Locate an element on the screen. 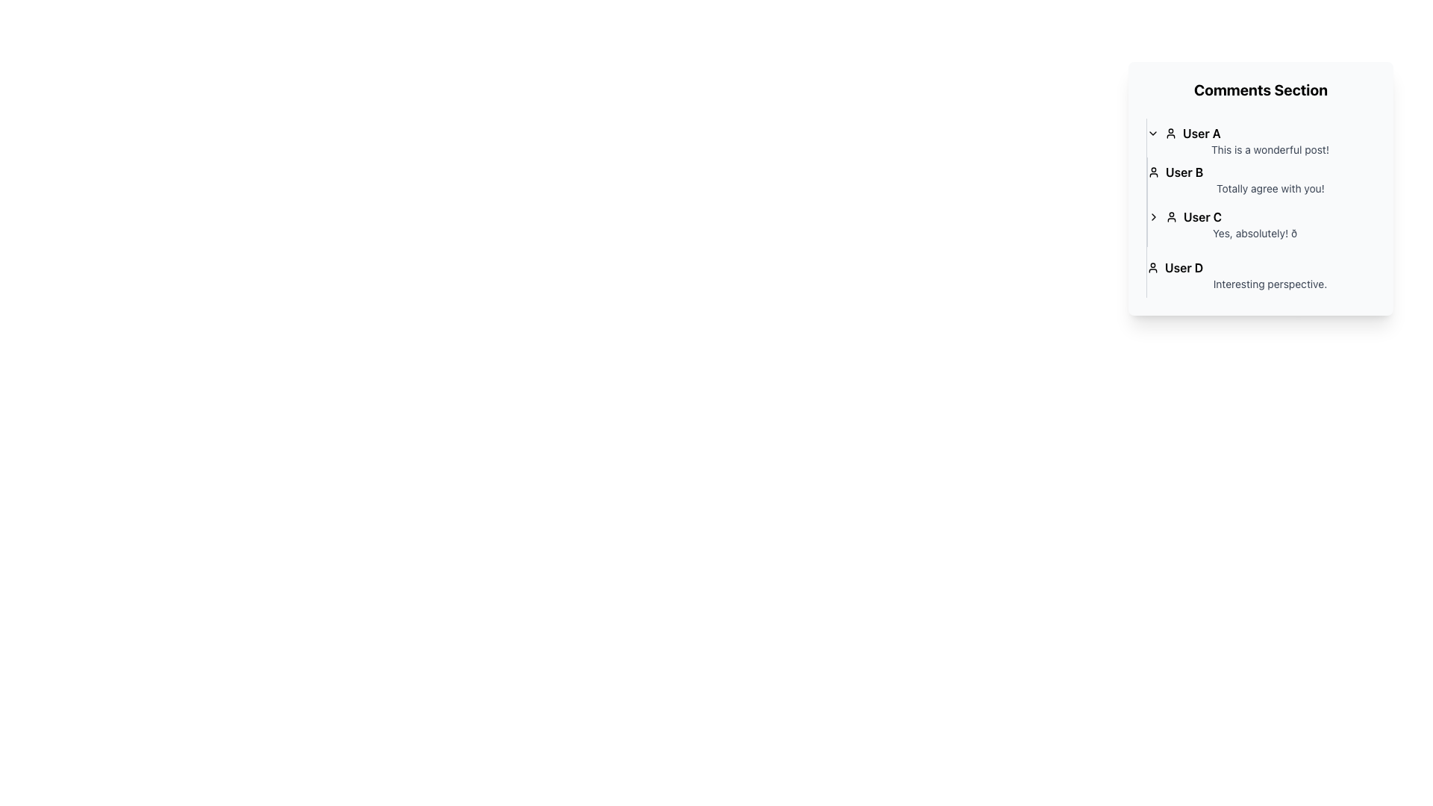  the small circular avatar icon representing 'User A', which is positioned to the left of the text in a vertical list of user comments is located at coordinates (1170, 132).